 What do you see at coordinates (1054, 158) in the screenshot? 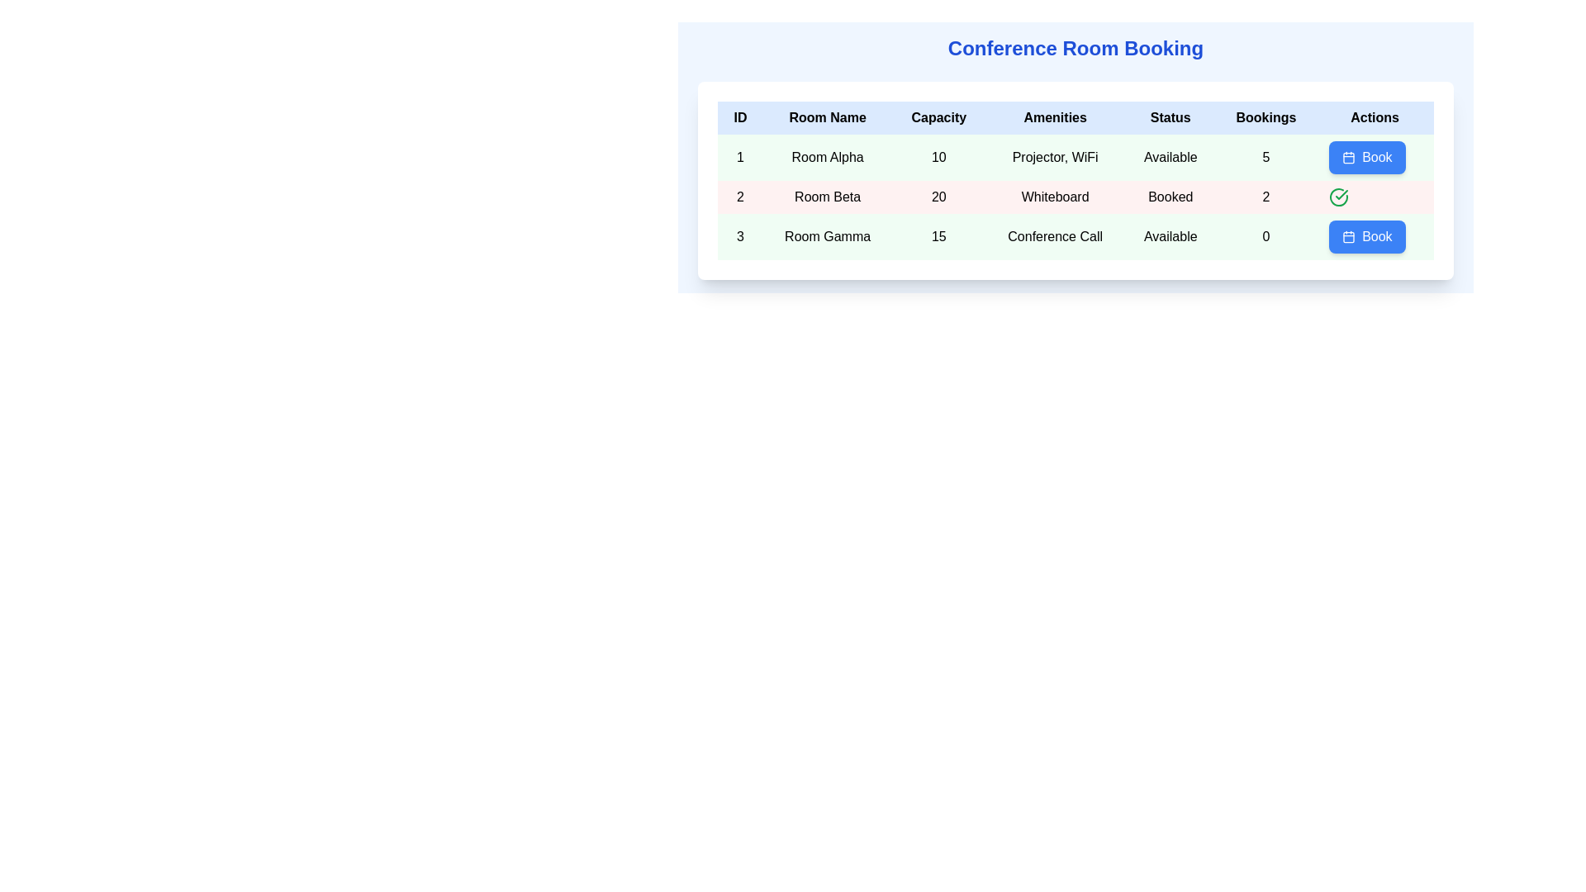
I see `the text label displaying amenities in the fourth column of the first row of the 'Conference Room Booking' table, which is located under the 'Amenities' heading` at bounding box center [1054, 158].